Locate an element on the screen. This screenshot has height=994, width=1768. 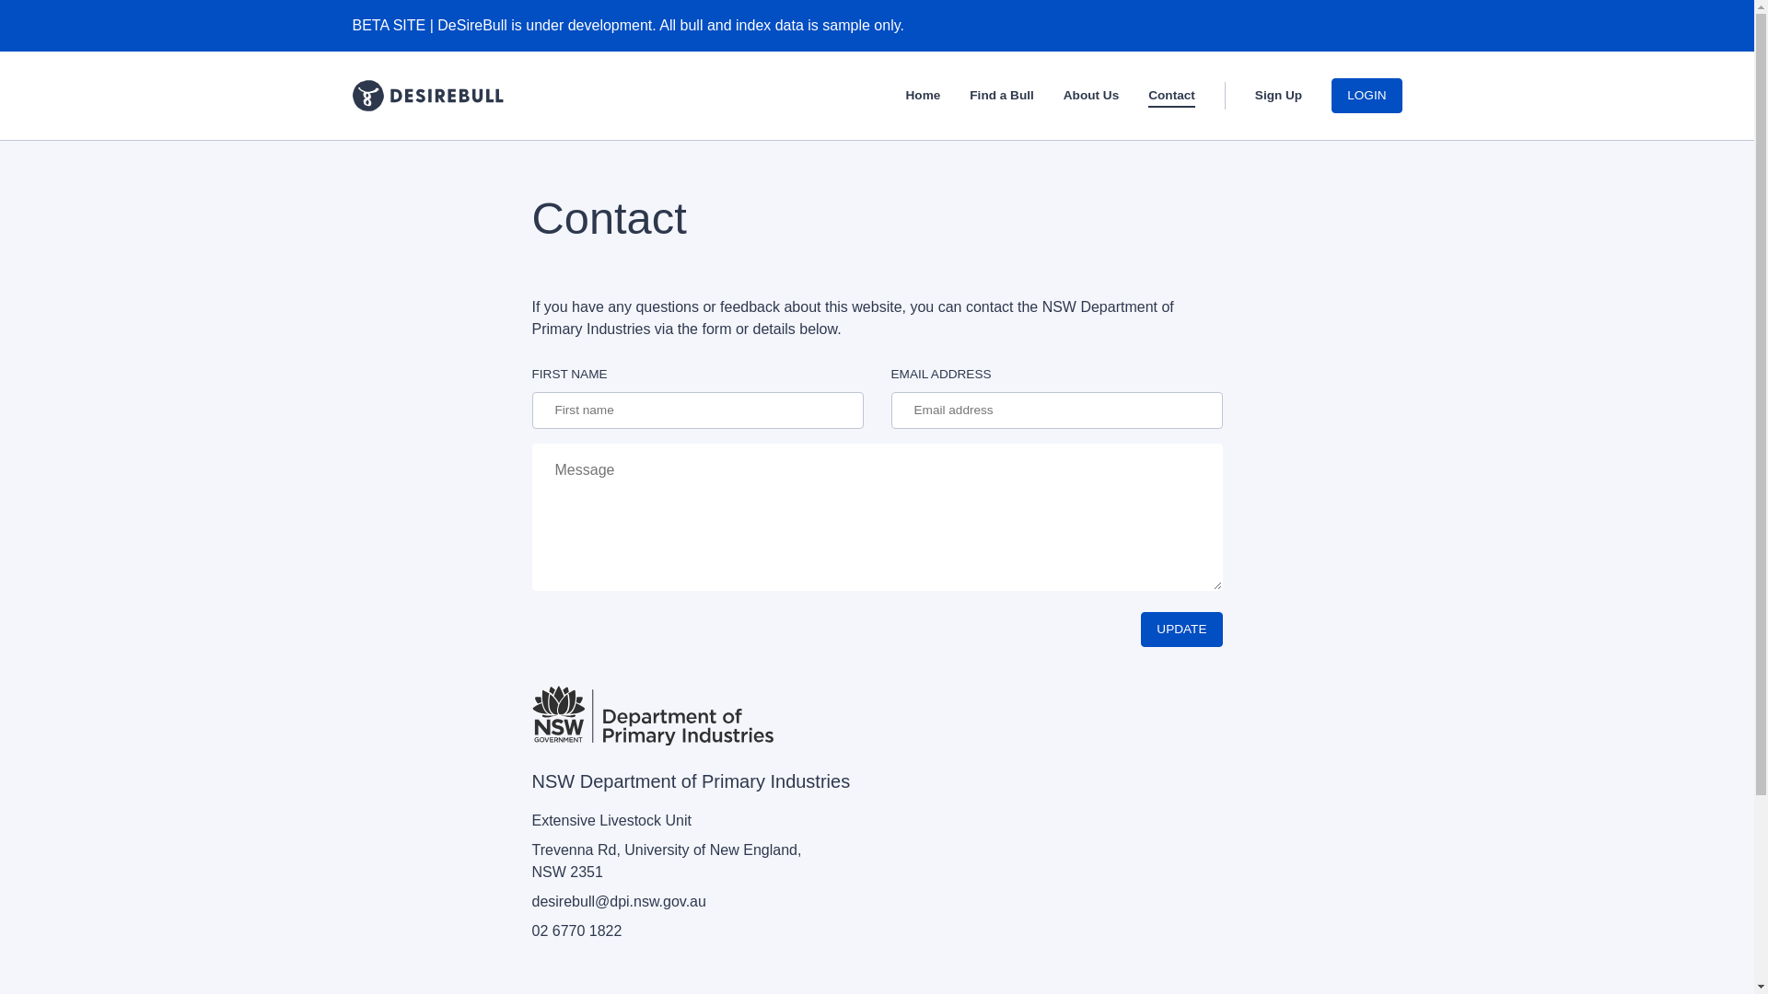
'Contact' is located at coordinates (1170, 98).